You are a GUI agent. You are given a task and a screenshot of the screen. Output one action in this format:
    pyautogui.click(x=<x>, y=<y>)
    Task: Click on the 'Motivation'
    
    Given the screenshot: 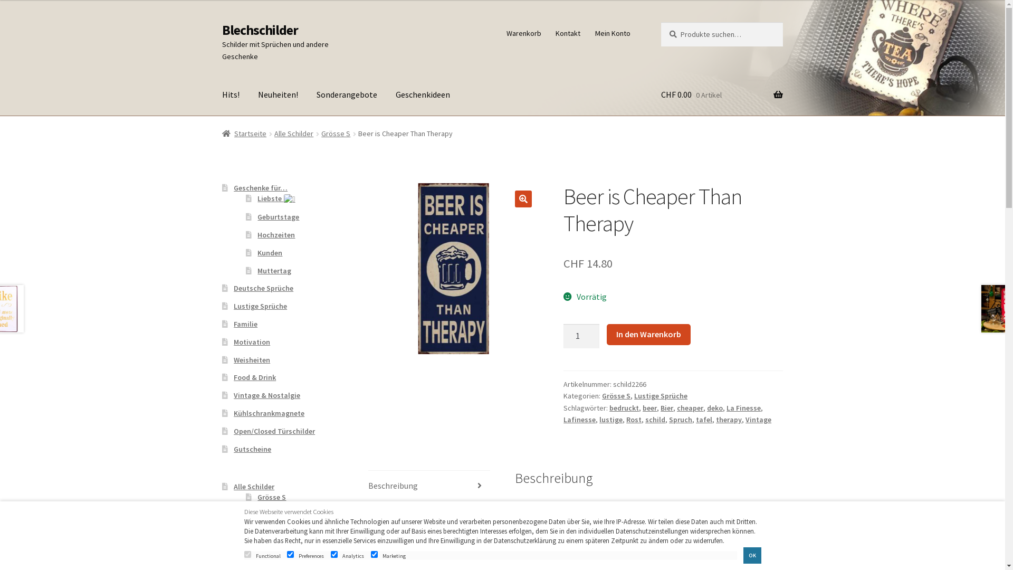 What is the action you would take?
    pyautogui.click(x=251, y=342)
    